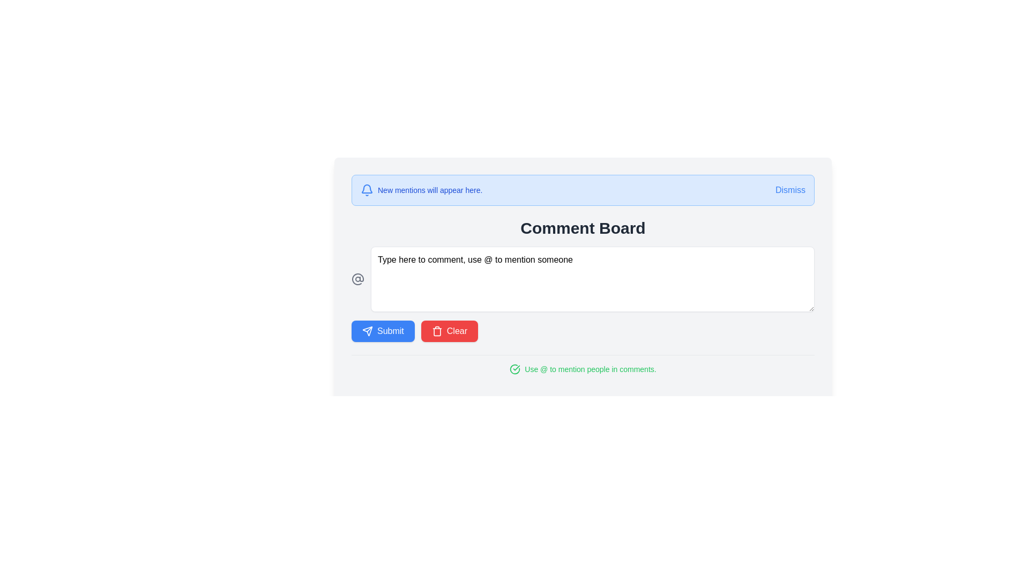  I want to click on the text label displaying the message 'Use @ to mention people in comments.' which is styled in smaller font and green color, located next to a green checkmark icon beneath the comment input area, so click(590, 369).